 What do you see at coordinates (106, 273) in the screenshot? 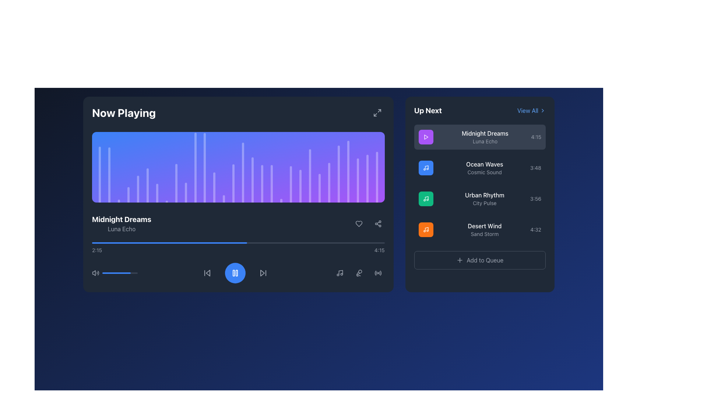
I see `the slider` at bounding box center [106, 273].